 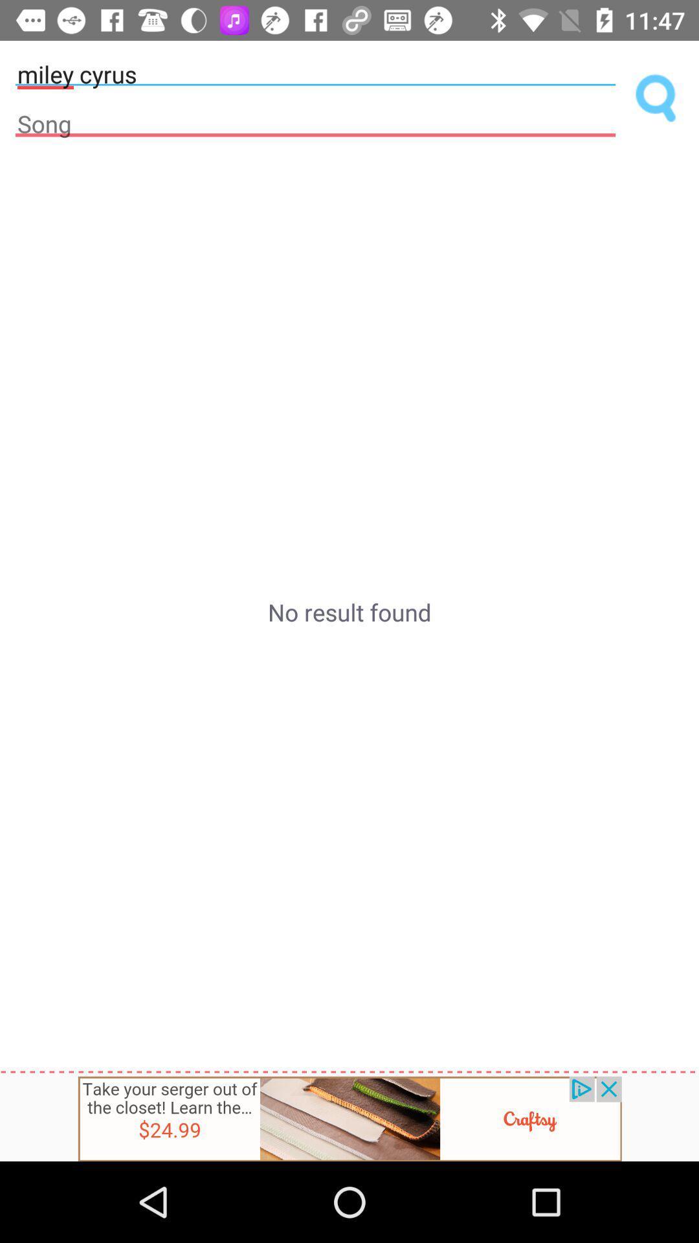 What do you see at coordinates (656, 98) in the screenshot?
I see `the search icon` at bounding box center [656, 98].